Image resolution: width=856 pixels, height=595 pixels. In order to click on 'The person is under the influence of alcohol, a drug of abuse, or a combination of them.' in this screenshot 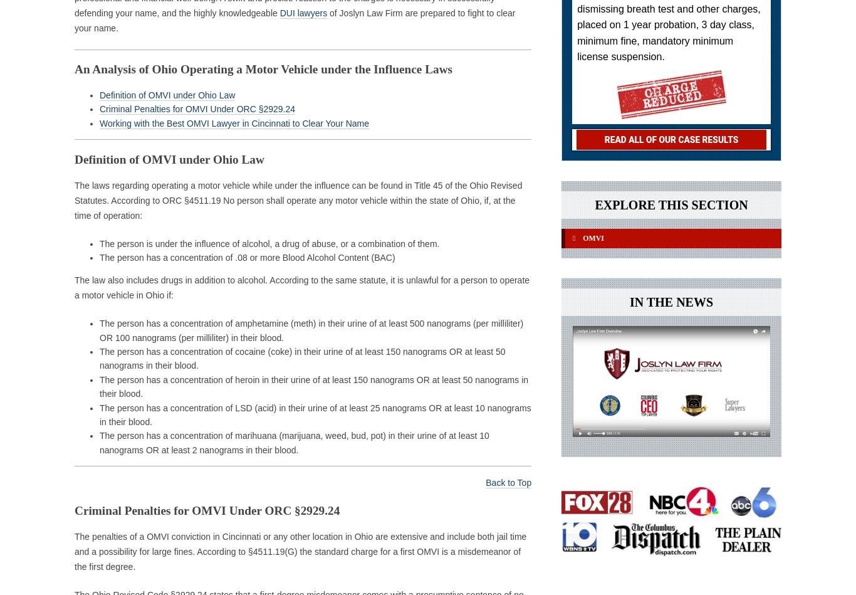, I will do `click(99, 243)`.